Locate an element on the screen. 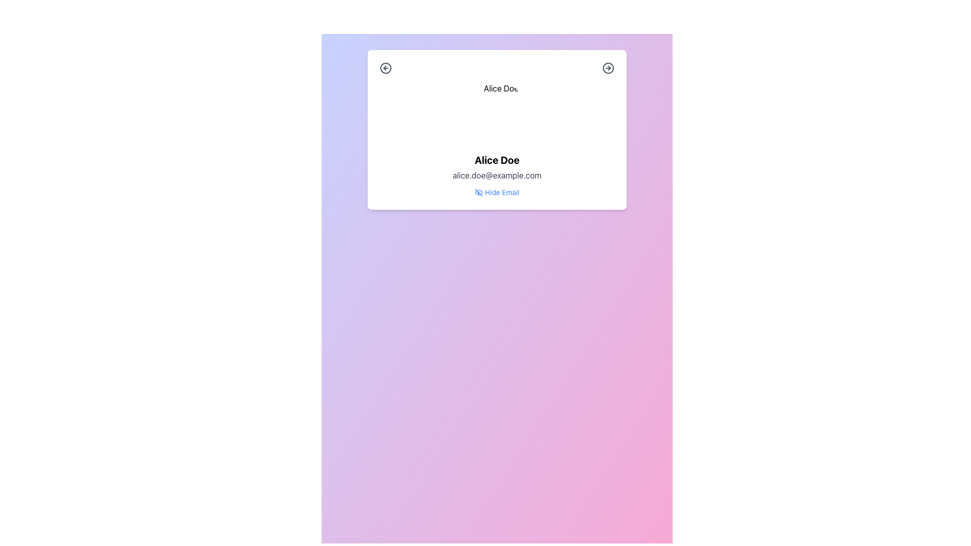  the static Text label displaying the email address associated with 'Alice Doe', which is centrally aligned below the name and above the 'Hide Email' button is located at coordinates (497, 175).